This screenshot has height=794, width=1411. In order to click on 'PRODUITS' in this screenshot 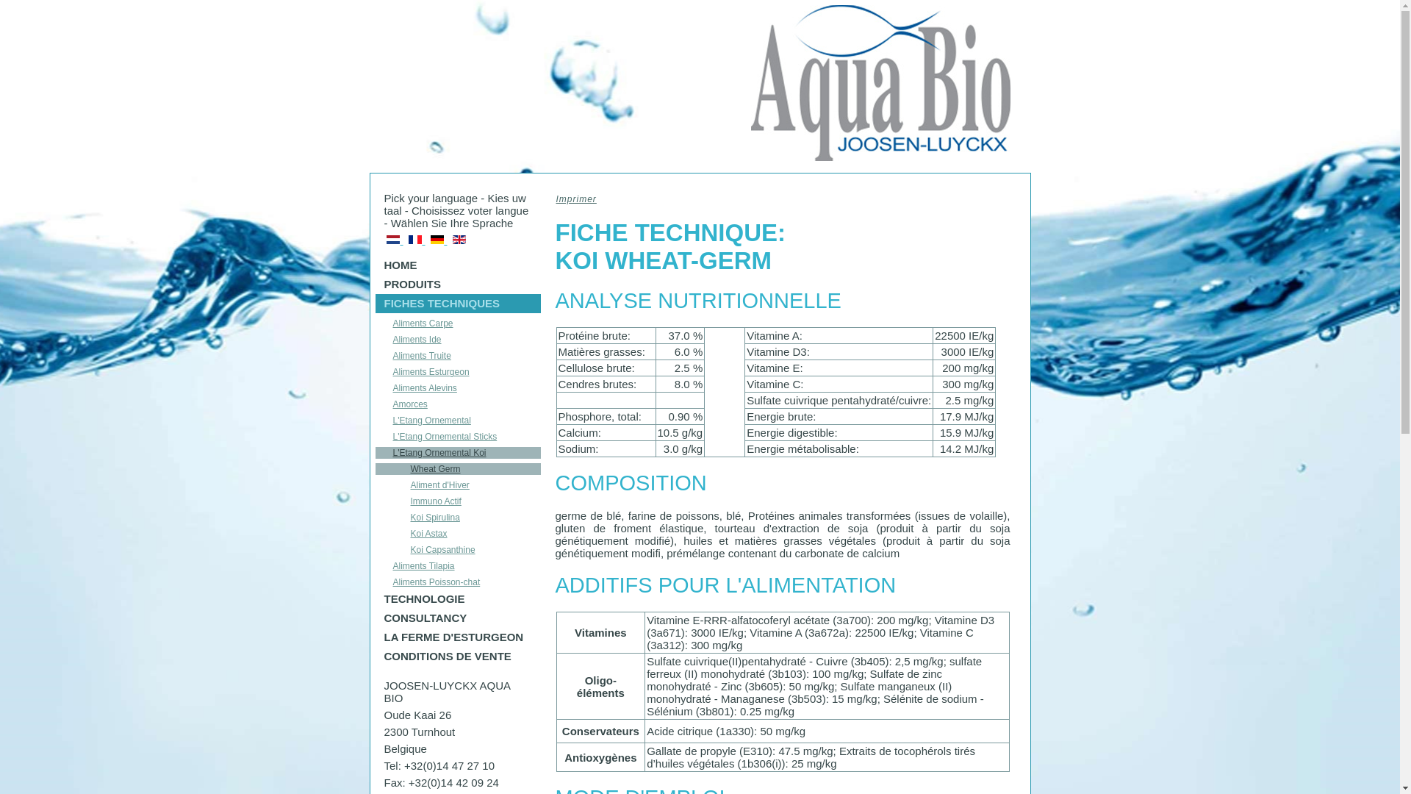, I will do `click(456, 284)`.